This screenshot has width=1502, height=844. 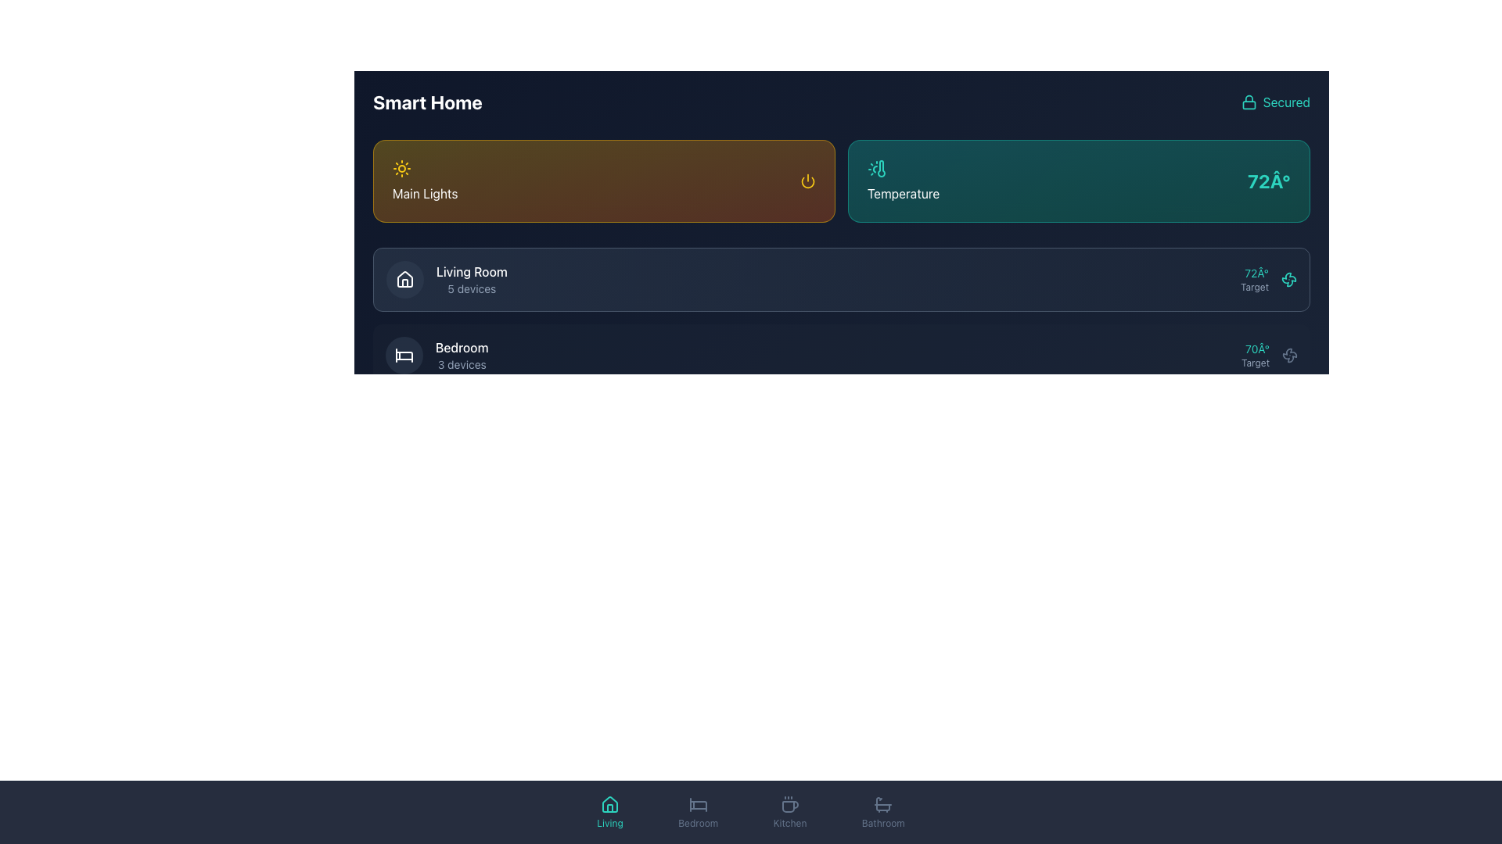 What do you see at coordinates (1254, 287) in the screenshot?
I see `the label located in the bottom-right region of the central dashboard that is positioned directly below '72°' and related to temperature or status reading` at bounding box center [1254, 287].